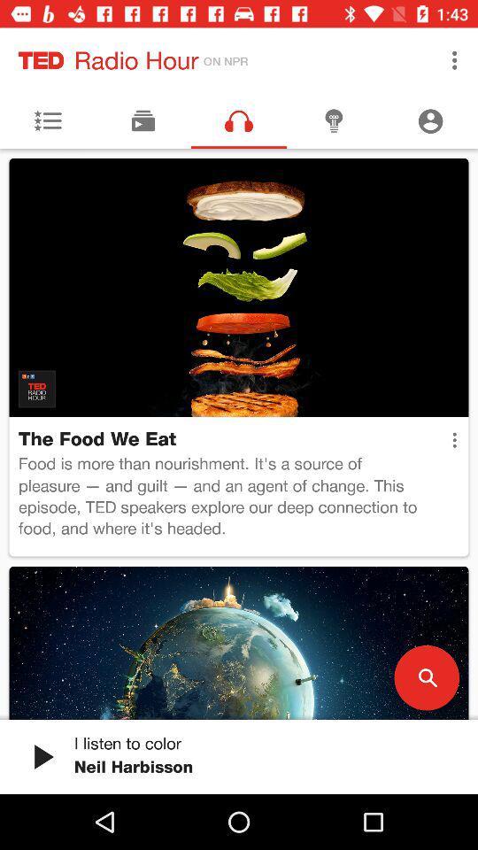 This screenshot has width=478, height=850. What do you see at coordinates (454, 439) in the screenshot?
I see `the item on the right` at bounding box center [454, 439].